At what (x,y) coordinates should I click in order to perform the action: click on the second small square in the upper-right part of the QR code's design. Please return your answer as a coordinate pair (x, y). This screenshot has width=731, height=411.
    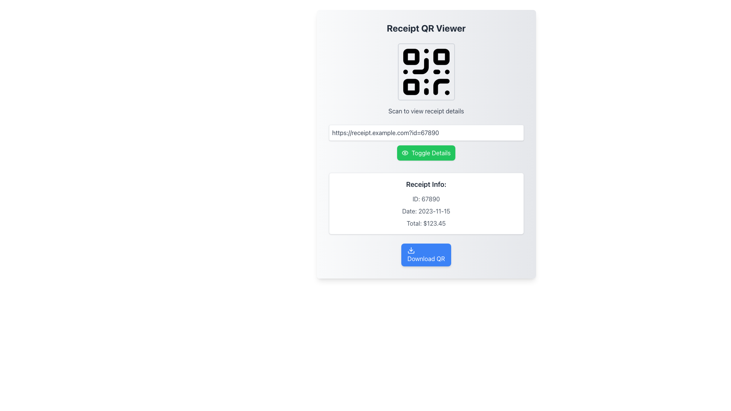
    Looking at the image, I should click on (441, 56).